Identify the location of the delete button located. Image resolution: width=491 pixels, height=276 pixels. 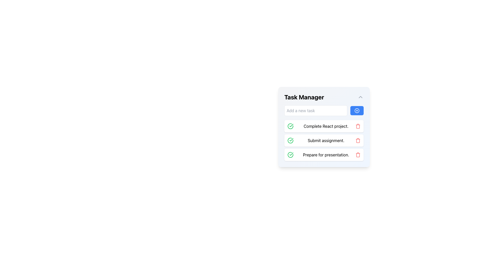
(358, 154).